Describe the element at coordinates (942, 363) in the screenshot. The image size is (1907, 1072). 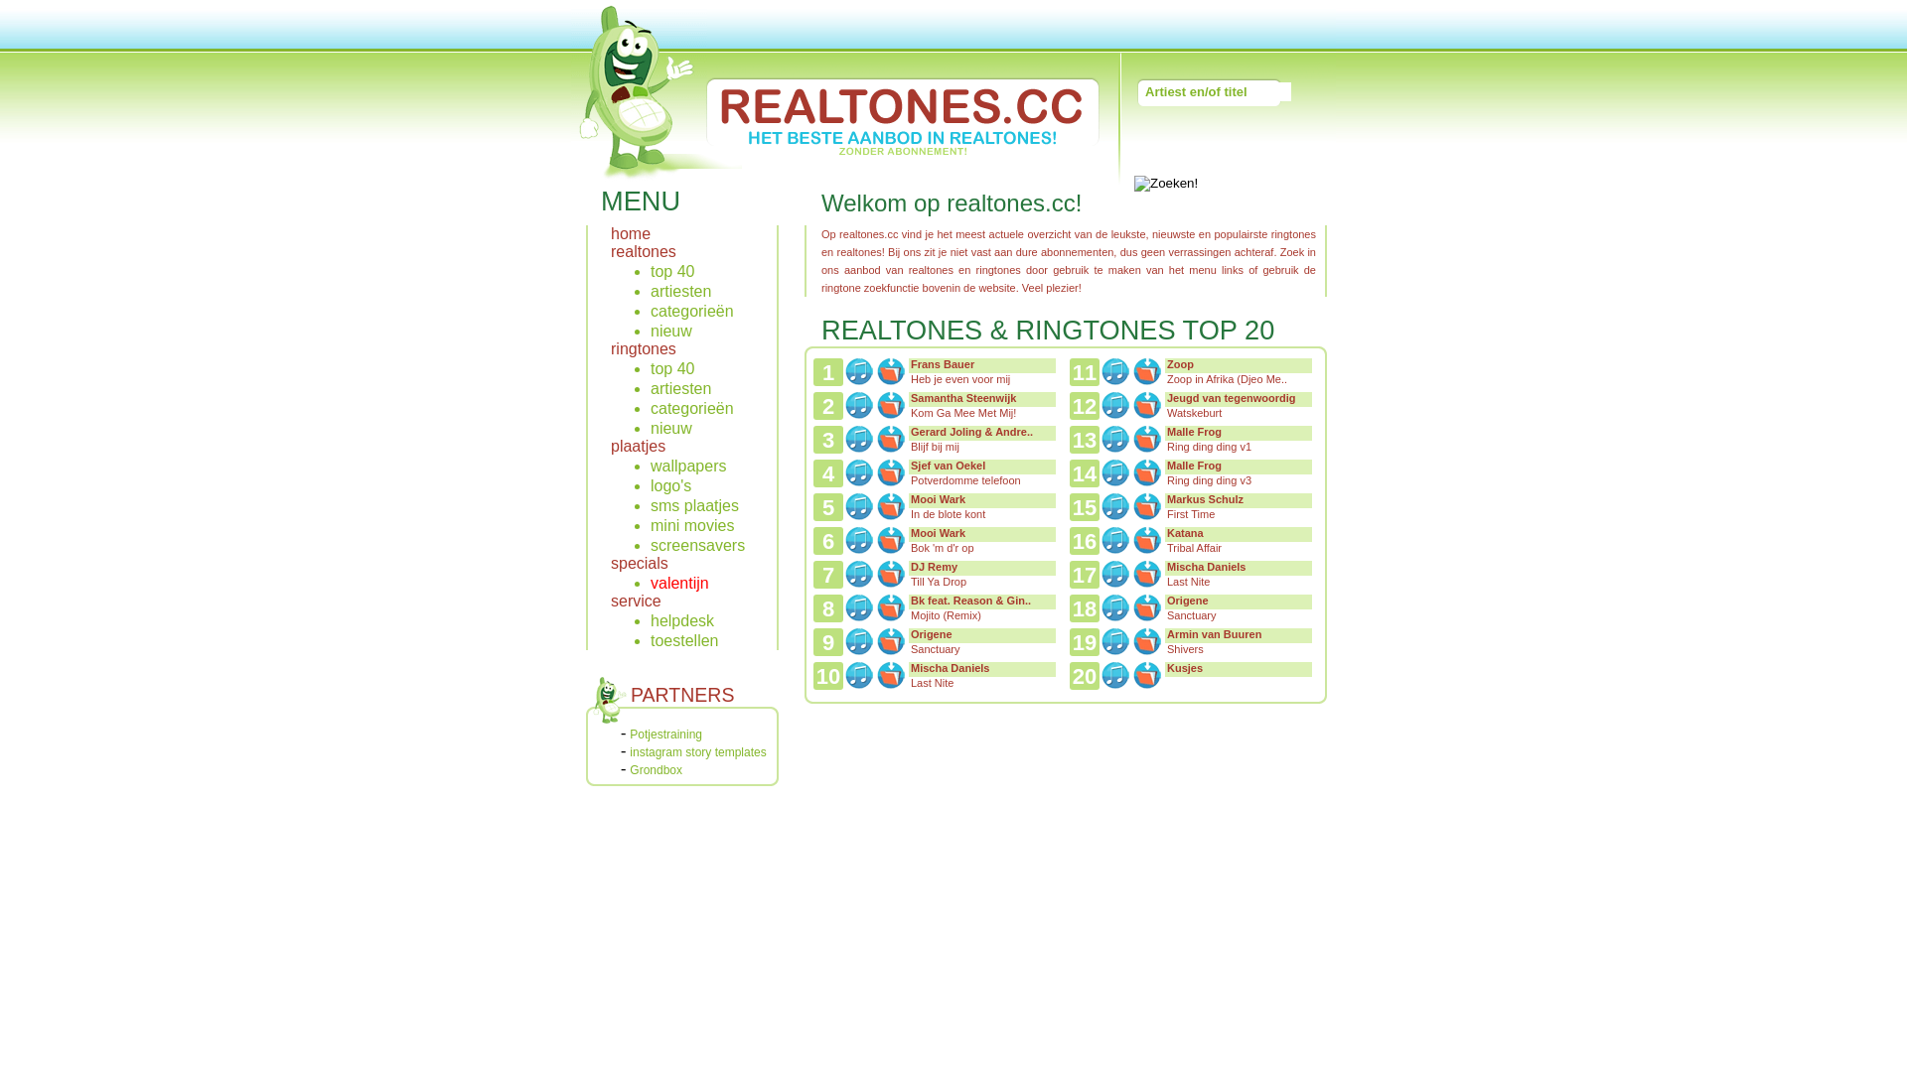
I see `'Frans Bauer'` at that location.